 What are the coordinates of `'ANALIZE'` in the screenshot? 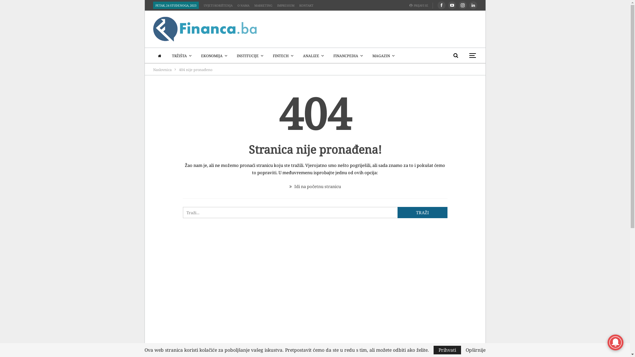 It's located at (313, 56).